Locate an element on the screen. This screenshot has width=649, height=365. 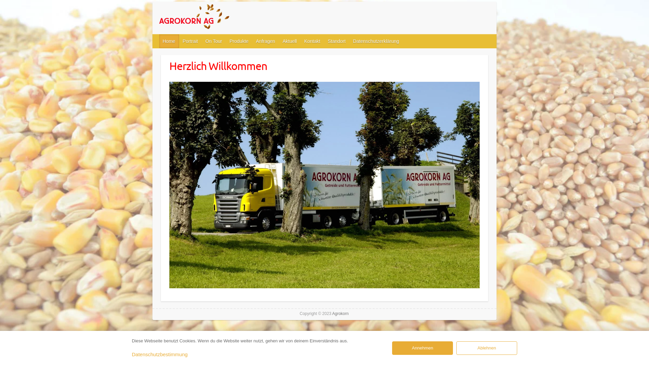
'Datenschutzbestimmung' is located at coordinates (159, 354).